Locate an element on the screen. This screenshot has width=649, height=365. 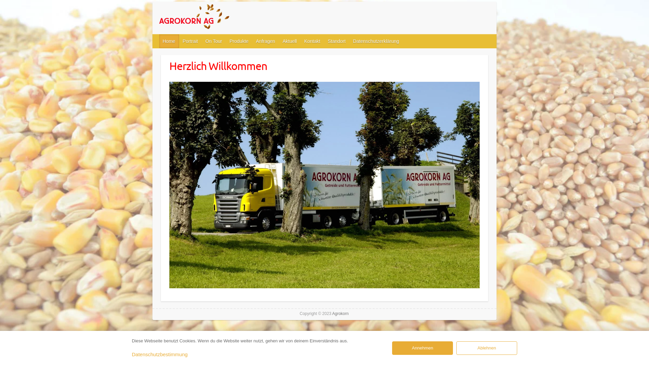
'Datenschutzbestimmung' is located at coordinates (159, 354).